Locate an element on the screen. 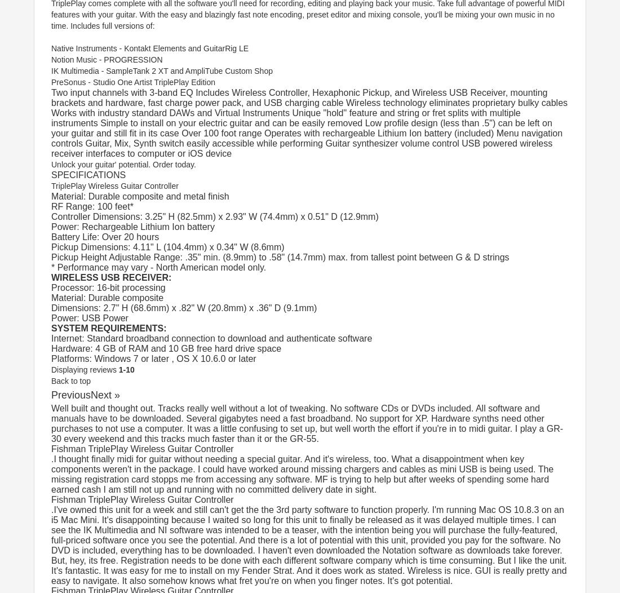 The image size is (620, 593). 'Power: Rechargeable Lithium Ion battery' is located at coordinates (51, 226).